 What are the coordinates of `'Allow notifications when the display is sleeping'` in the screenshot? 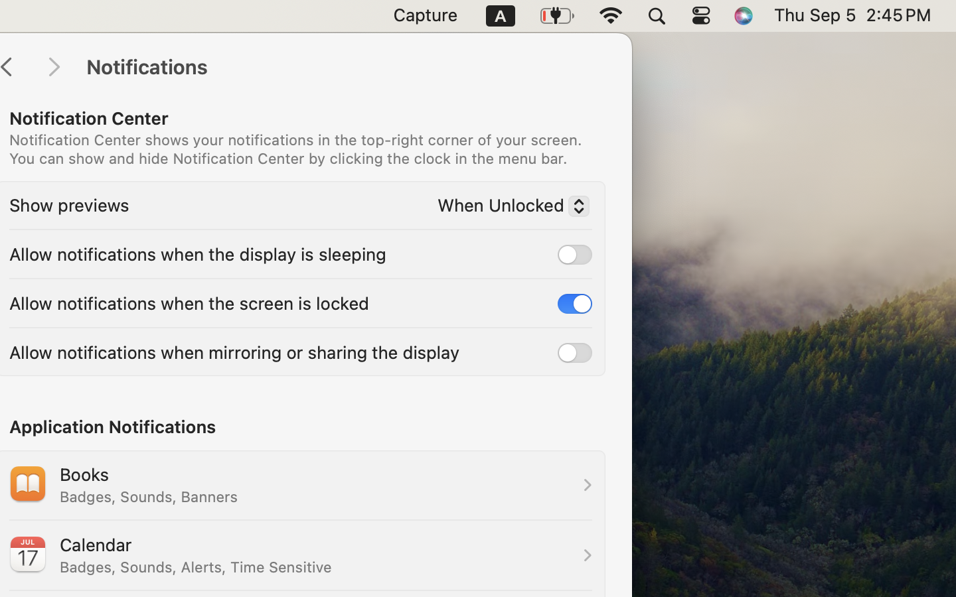 It's located at (197, 253).